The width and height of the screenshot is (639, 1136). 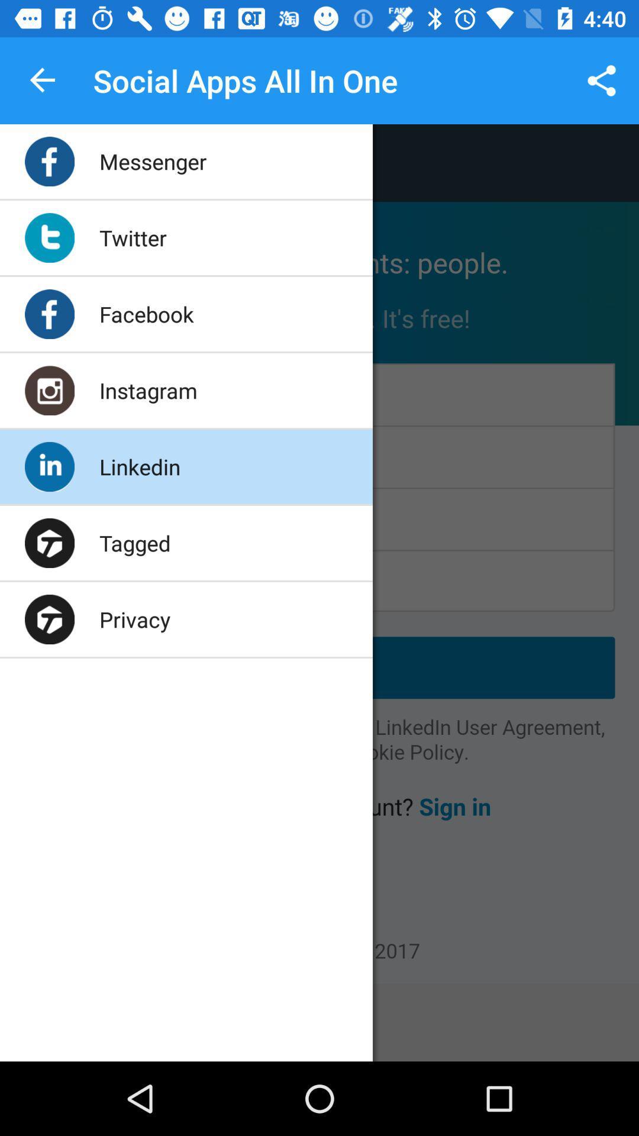 What do you see at coordinates (43, 80) in the screenshot?
I see `icon to the left of social apps all icon` at bounding box center [43, 80].